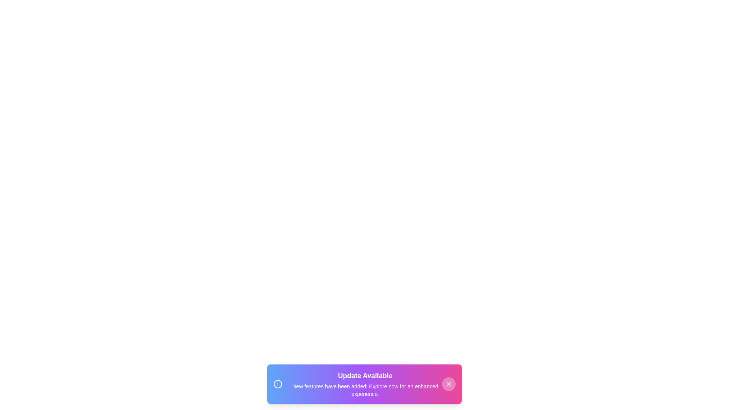 The height and width of the screenshot is (410, 729). I want to click on the icon to inspect it, so click(277, 384).